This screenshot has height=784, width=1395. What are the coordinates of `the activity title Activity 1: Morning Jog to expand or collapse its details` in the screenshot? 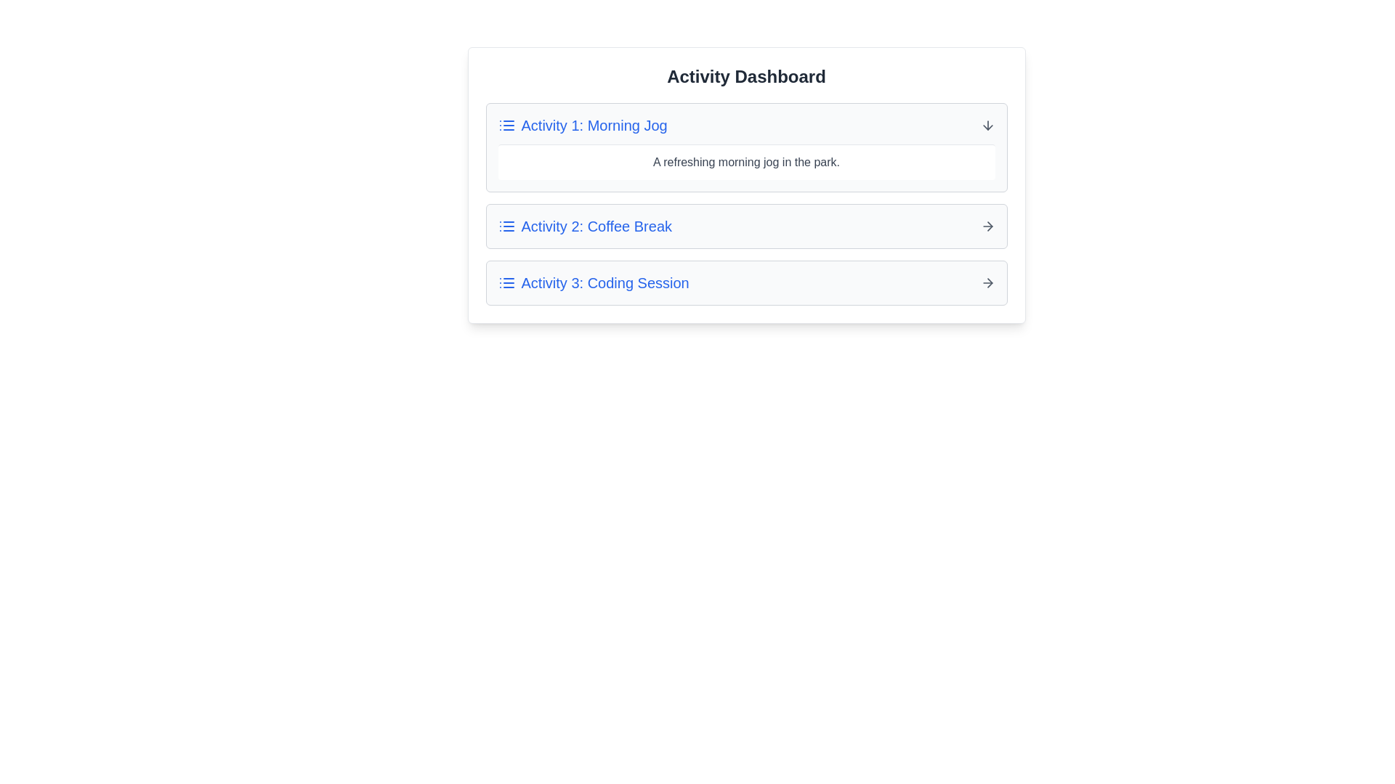 It's located at (582, 125).